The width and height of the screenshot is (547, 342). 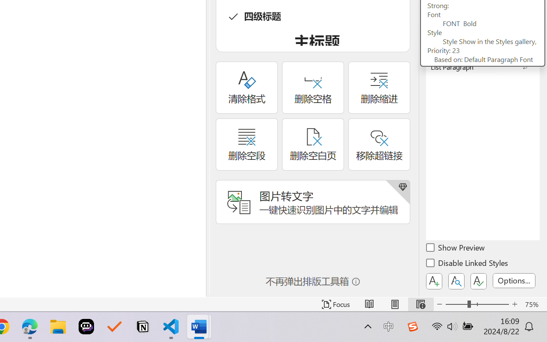 I want to click on 'Class: NetUIButton', so click(x=479, y=281).